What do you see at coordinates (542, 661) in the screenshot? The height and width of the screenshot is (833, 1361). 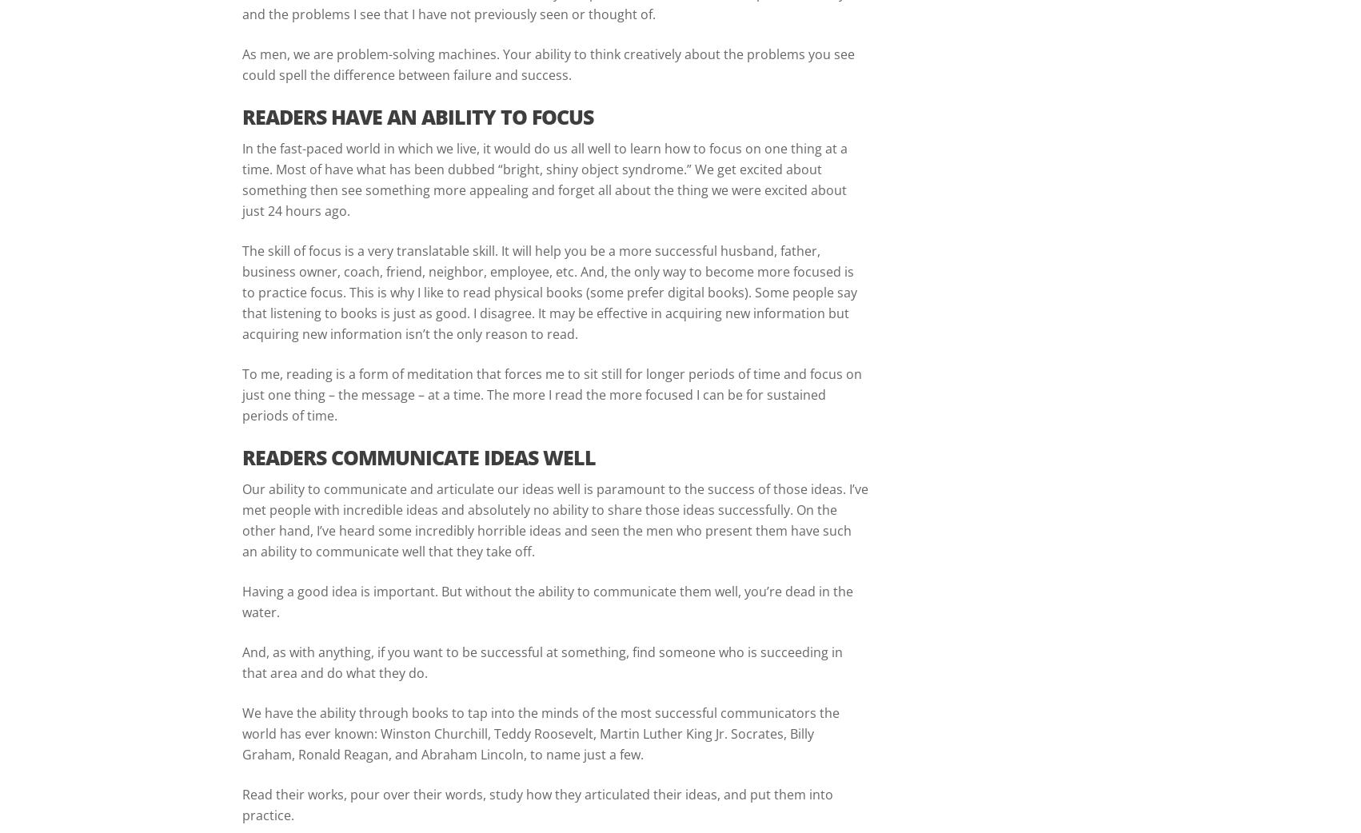 I see `'And, as with anything, if you want to be successful at something, find someone who is succeeding in that area and do what they do.'` at bounding box center [542, 661].